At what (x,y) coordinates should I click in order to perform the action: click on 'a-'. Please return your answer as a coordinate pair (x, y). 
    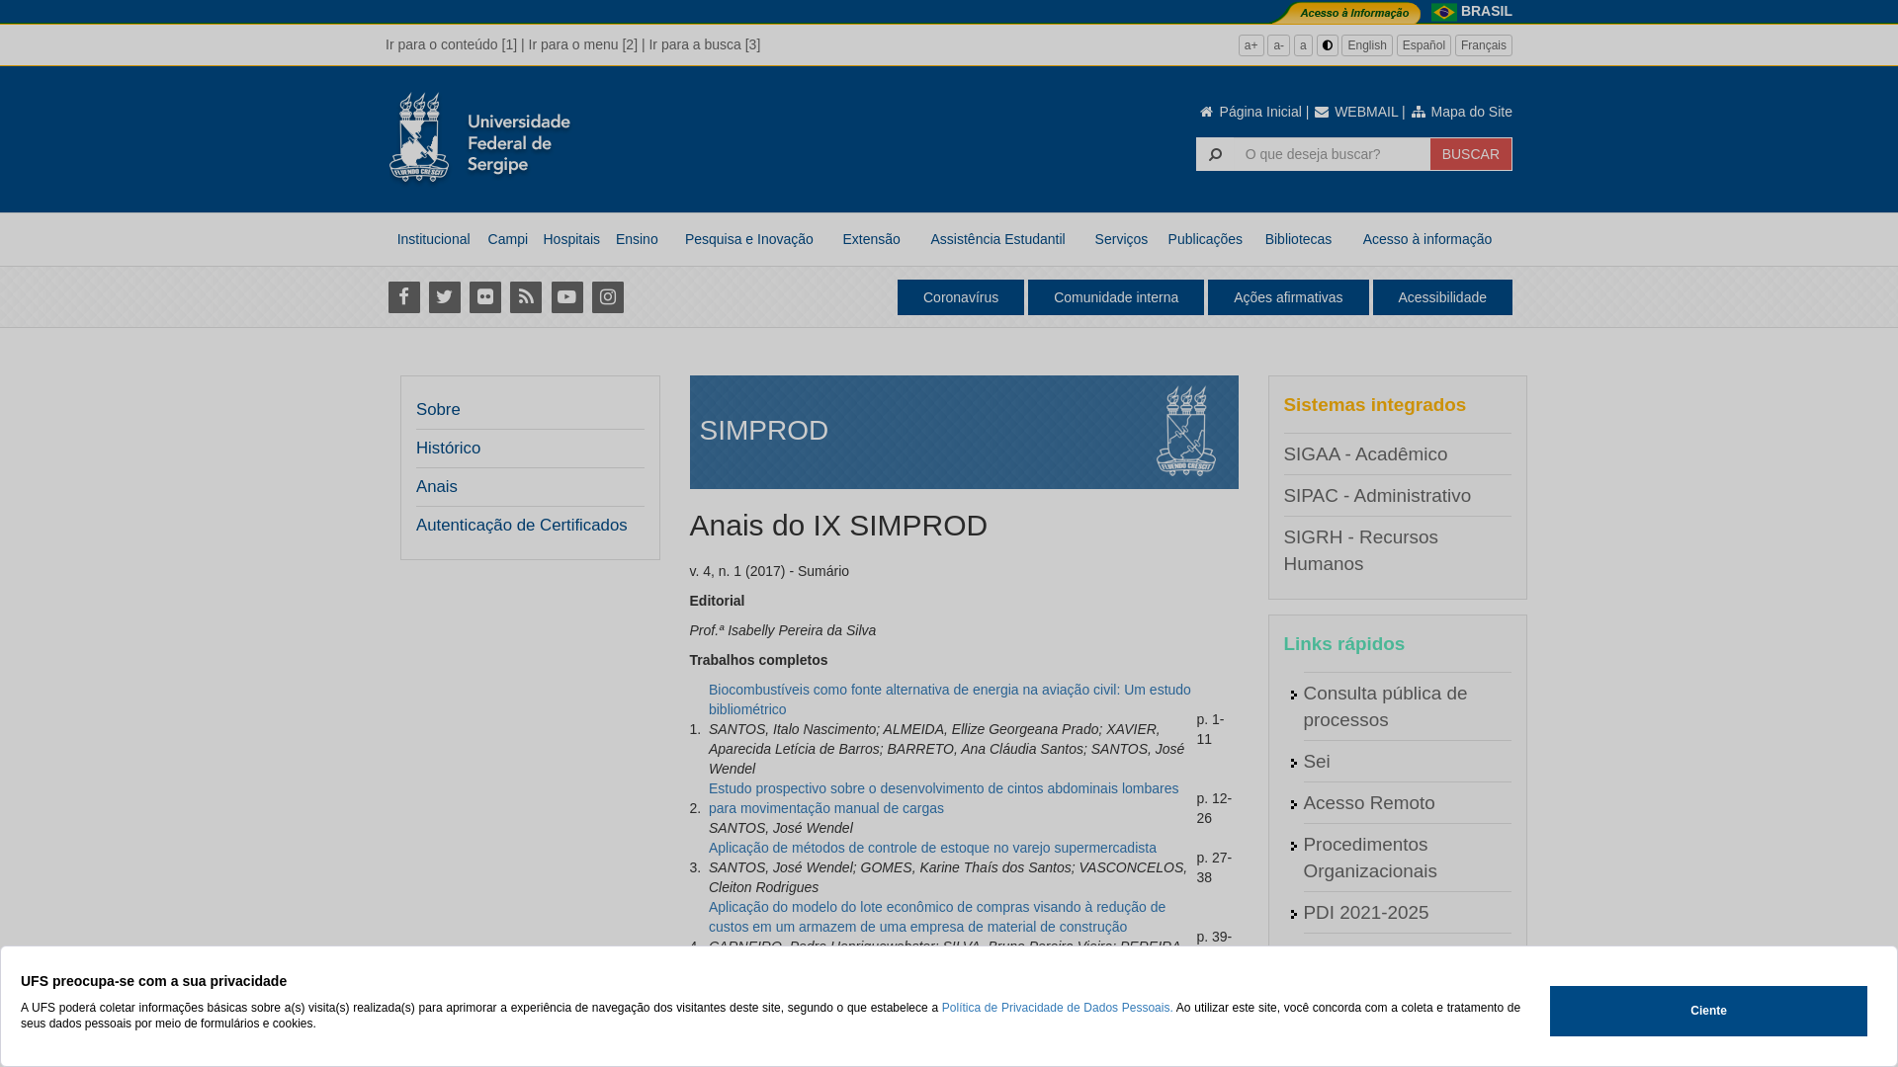
    Looking at the image, I should click on (1278, 44).